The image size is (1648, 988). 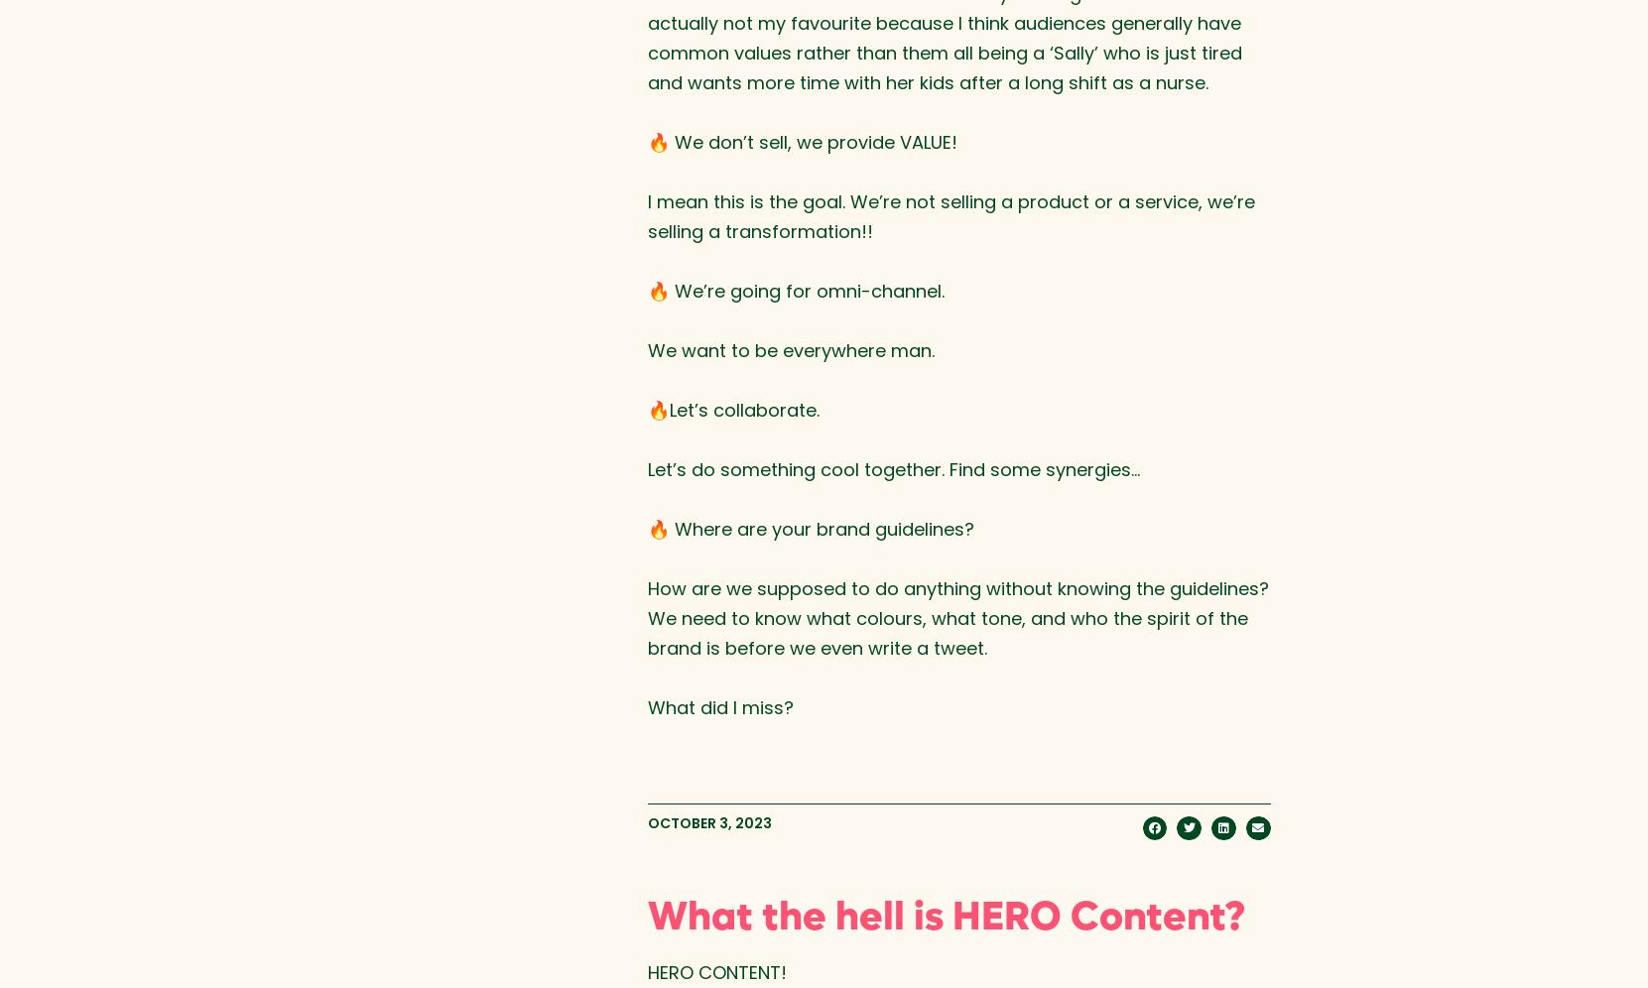 What do you see at coordinates (646, 408) in the screenshot?
I see `'🔥Let’s collaborate.⁠'` at bounding box center [646, 408].